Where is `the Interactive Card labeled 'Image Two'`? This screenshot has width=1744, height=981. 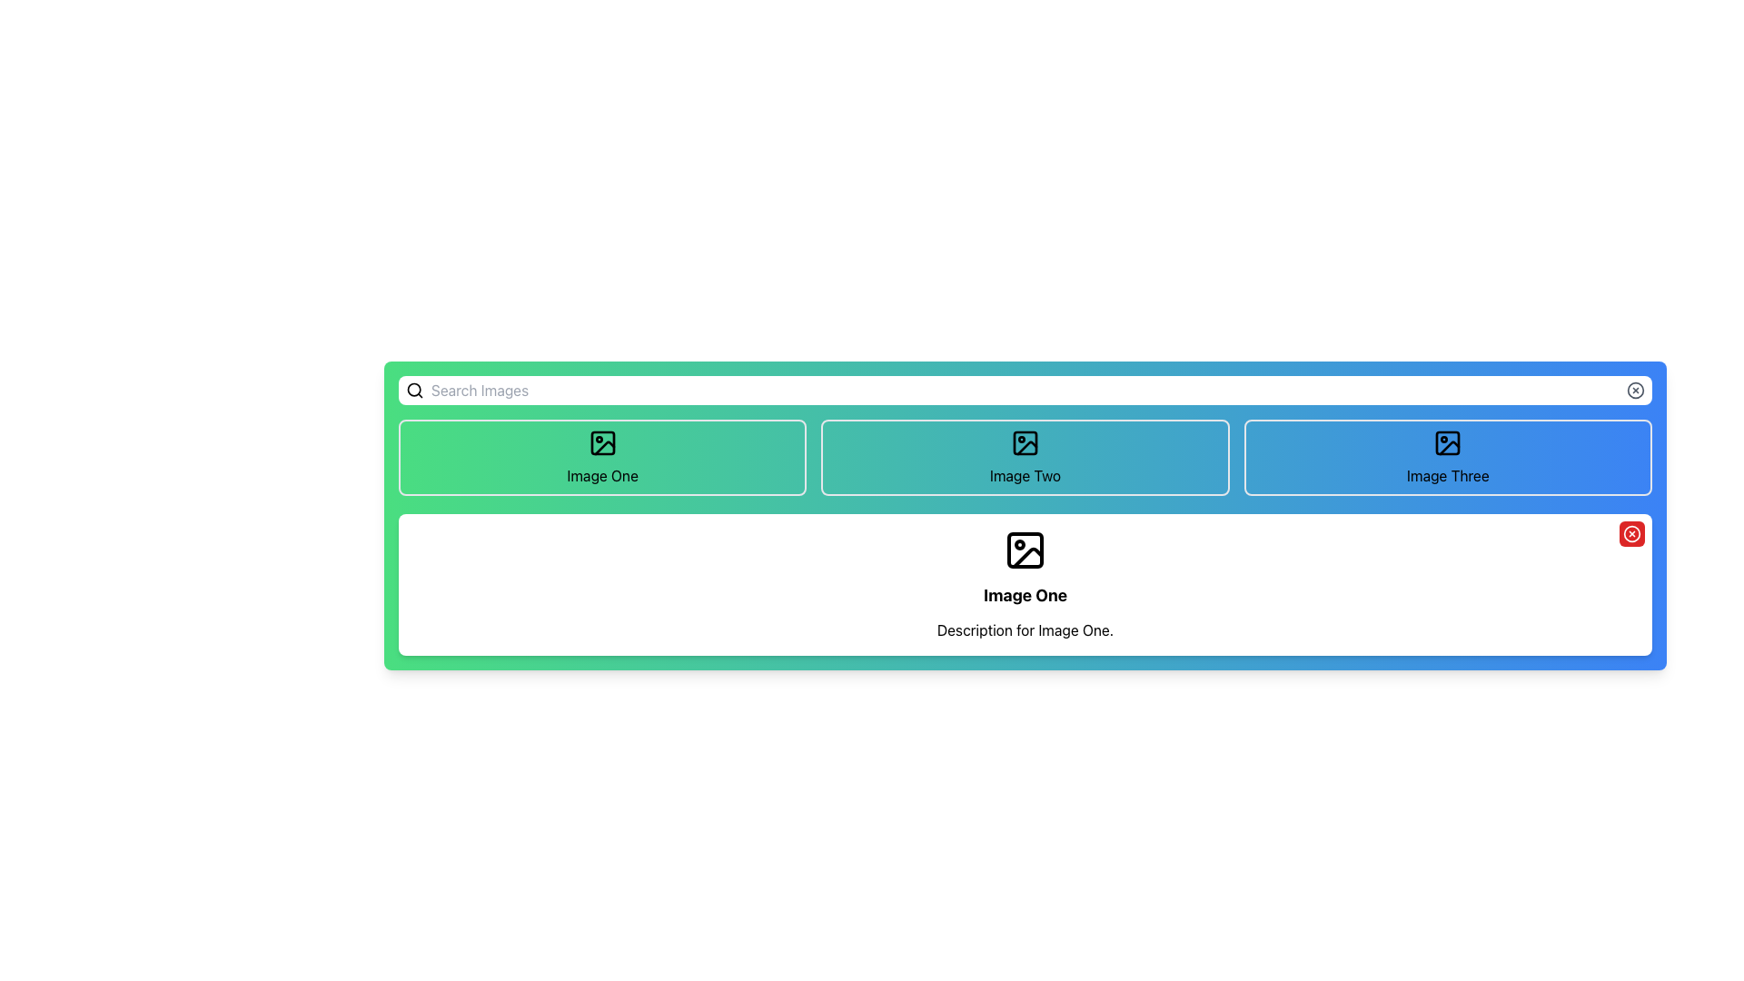
the Interactive Card labeled 'Image Two' is located at coordinates (1025, 457).